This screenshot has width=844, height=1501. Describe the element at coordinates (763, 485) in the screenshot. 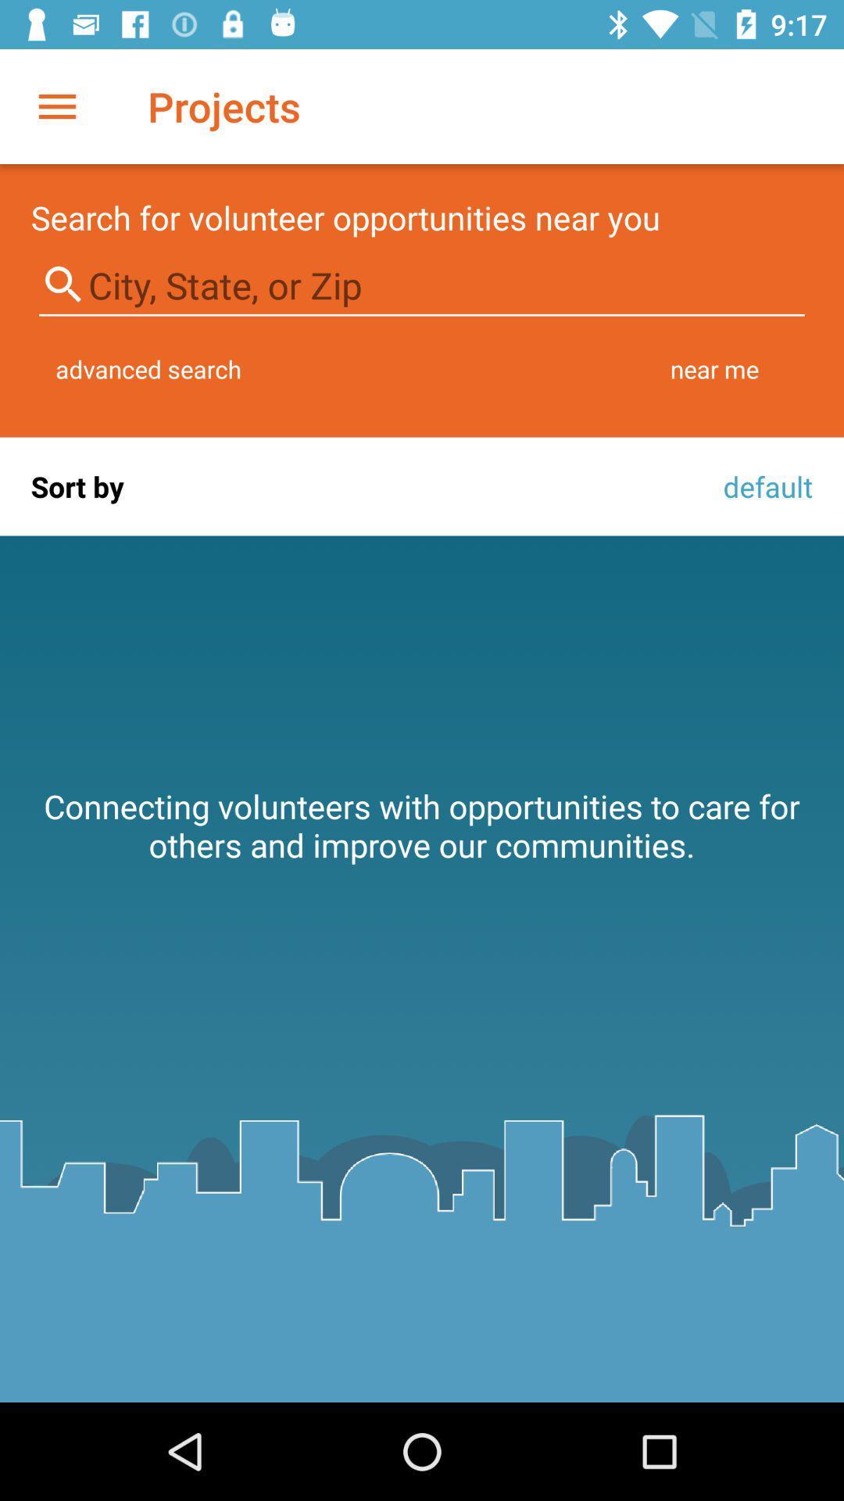

I see `the default icon` at that location.